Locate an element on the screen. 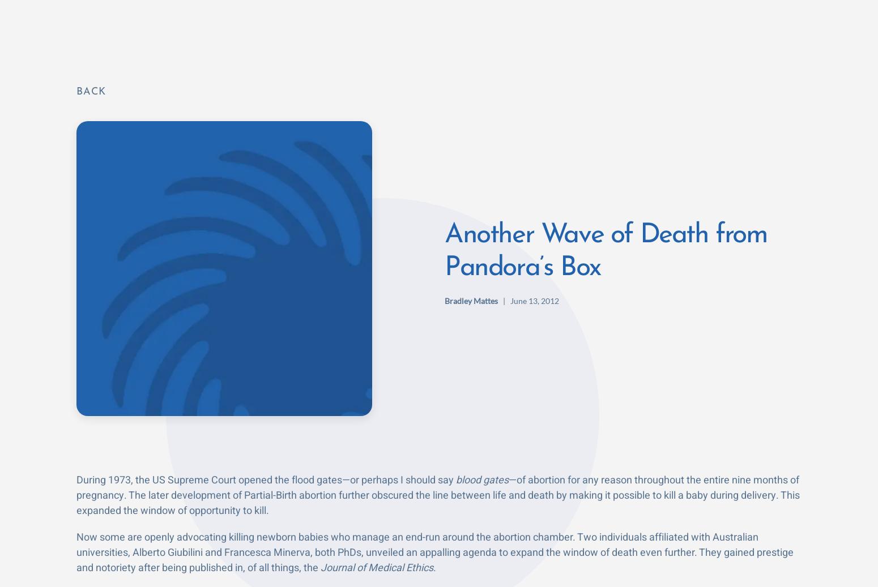  'Research' is located at coordinates (477, 27).